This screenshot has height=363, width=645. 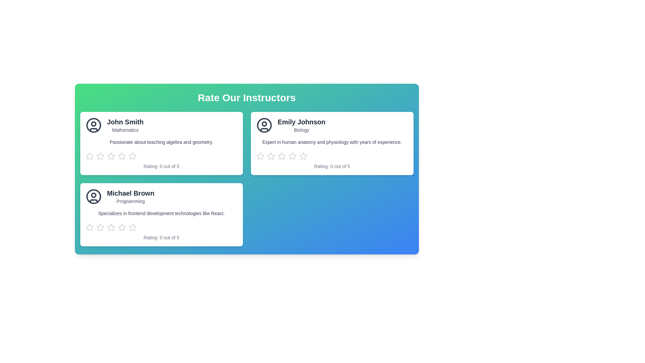 What do you see at coordinates (93, 197) in the screenshot?
I see `the user icon representing Michael Brown` at bounding box center [93, 197].